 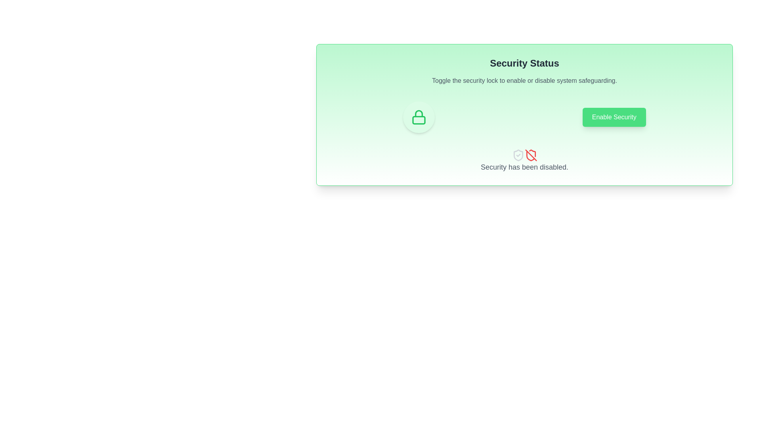 What do you see at coordinates (524, 81) in the screenshot?
I see `the static informational text block that provides guidance on the security toggling feature, located centrally below the 'Security Status' heading and above the security lock icon and 'Enable Security' button` at bounding box center [524, 81].